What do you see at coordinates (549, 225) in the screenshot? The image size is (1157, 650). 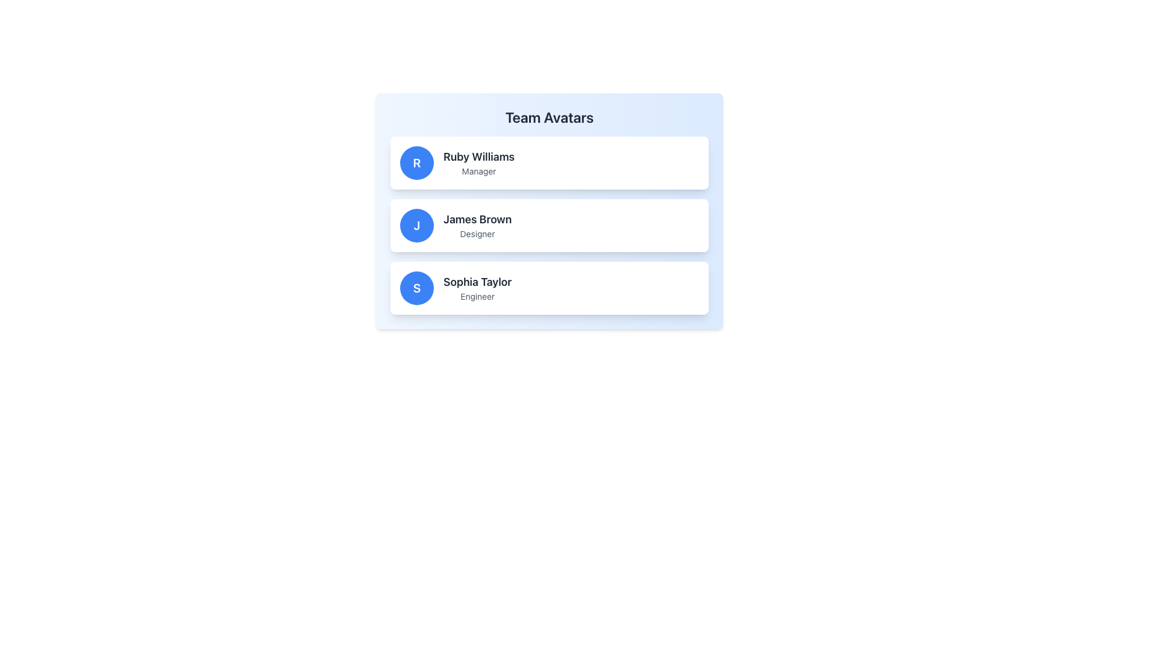 I see `the List Item displaying the profile information of team member James Brown, who is a Designer, located between Ruby Williams and Sophia Taylor` at bounding box center [549, 225].